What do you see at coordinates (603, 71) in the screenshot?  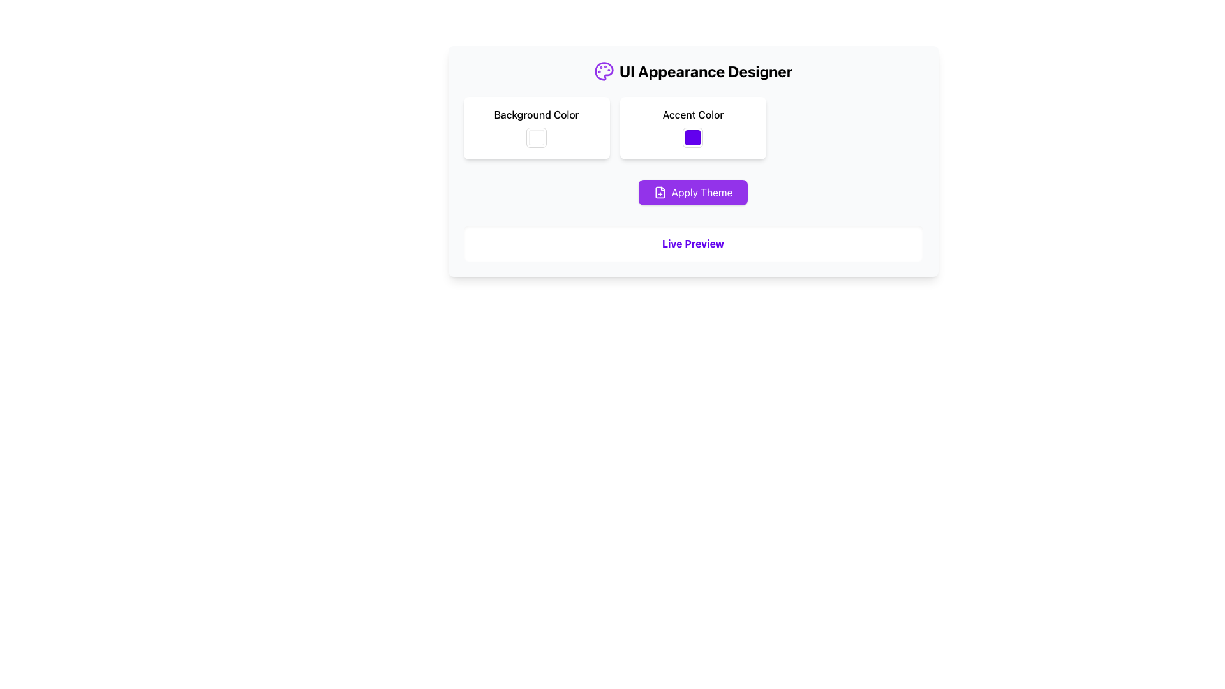 I see `the SVG palette icon with a purple outline, located to the left of the text 'UI Appearance Designer'` at bounding box center [603, 71].